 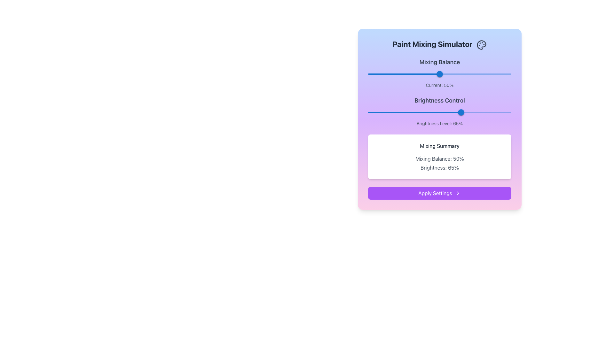 What do you see at coordinates (439, 112) in the screenshot?
I see `the red horizontal slider rail located under the 'Brightness Control' section in the main UI card` at bounding box center [439, 112].